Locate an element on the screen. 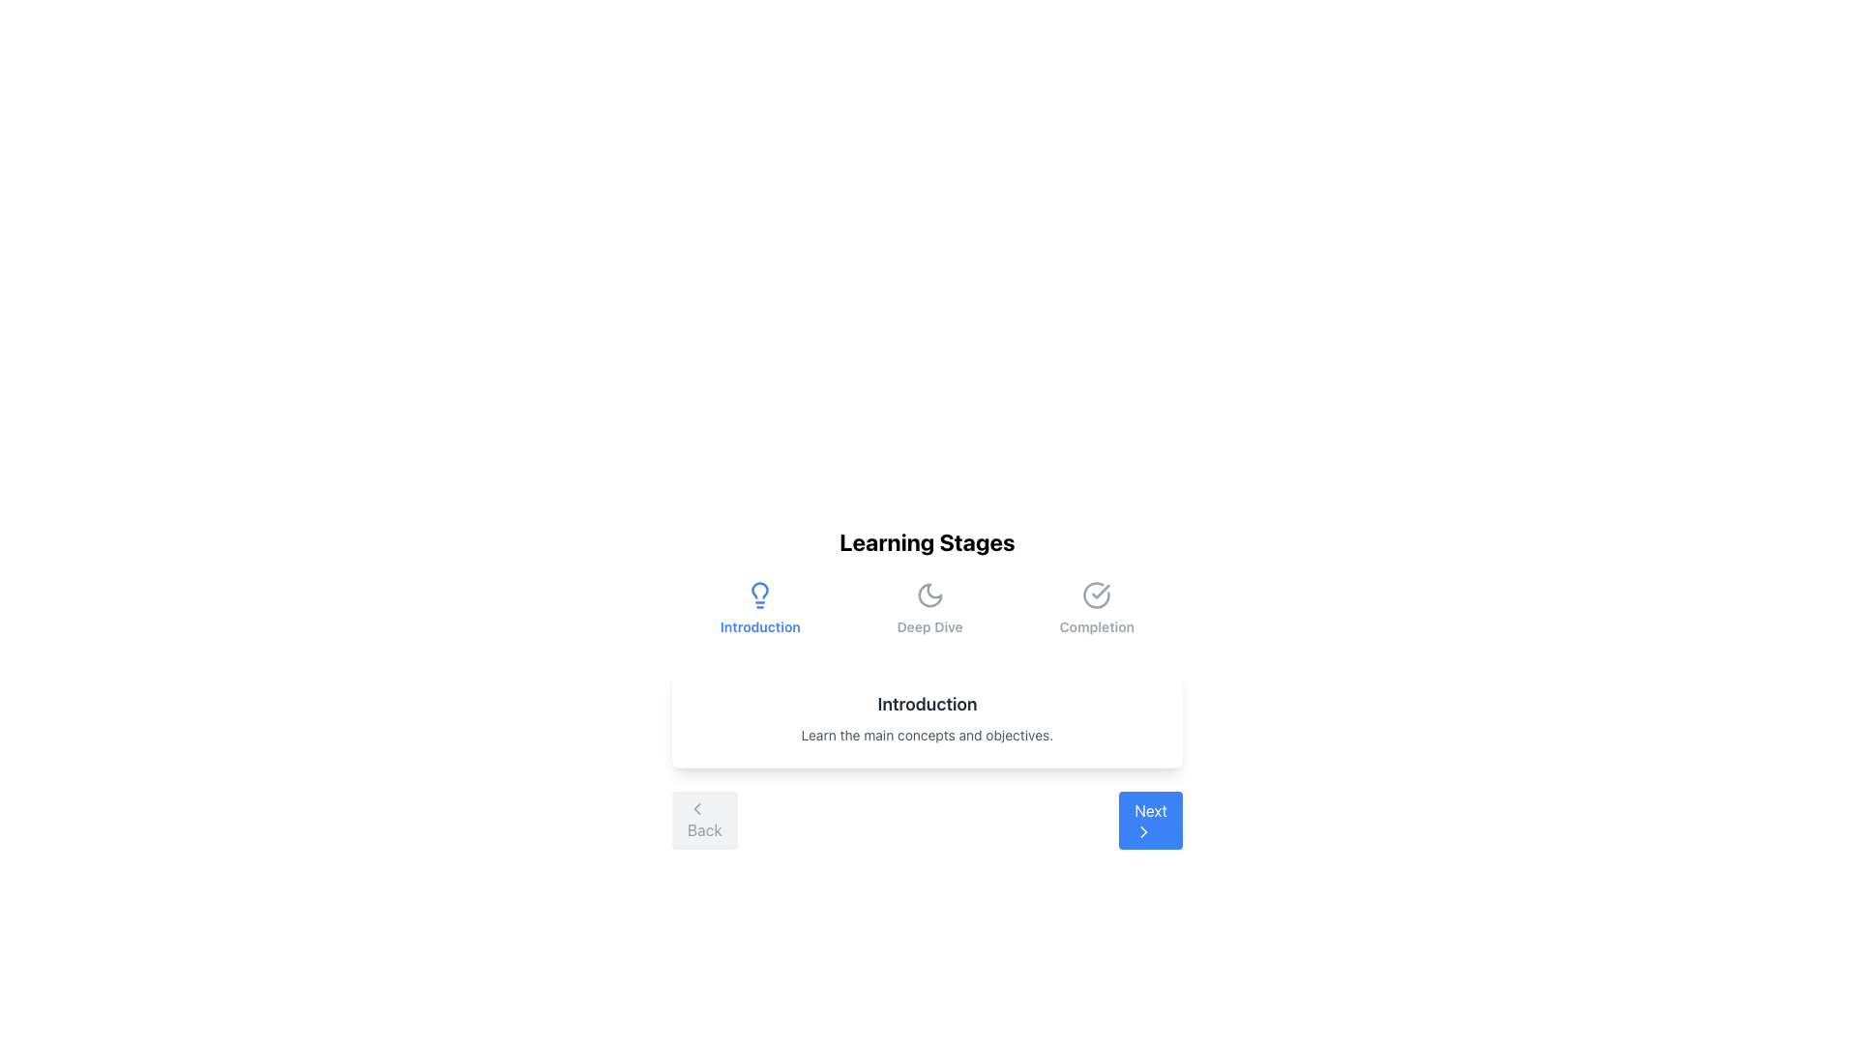 This screenshot has width=1857, height=1044. the crescent moon icon within the circular outline located in the 'Deep Dive' section of the interface is located at coordinates (929, 594).